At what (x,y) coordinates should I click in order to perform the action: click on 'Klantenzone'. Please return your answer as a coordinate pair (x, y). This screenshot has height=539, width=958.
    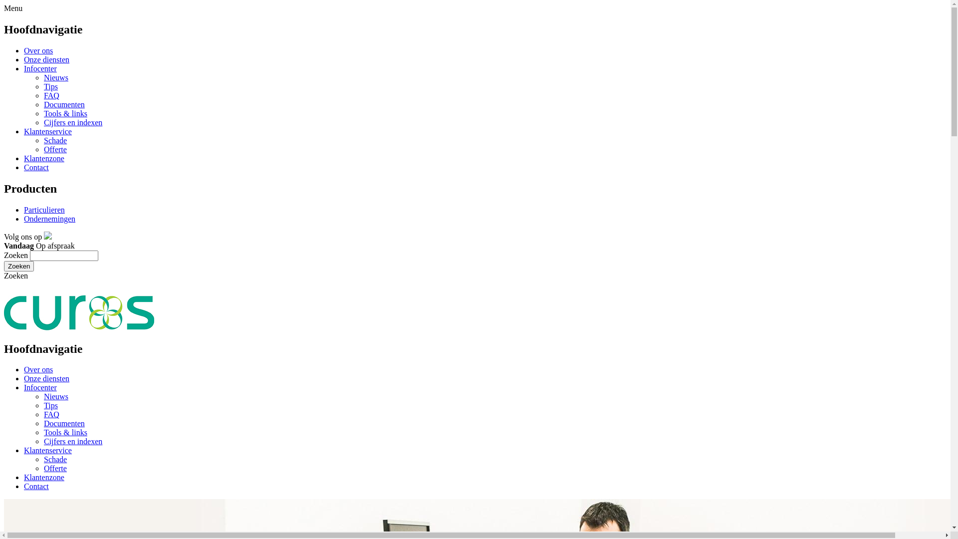
    Looking at the image, I should click on (43, 158).